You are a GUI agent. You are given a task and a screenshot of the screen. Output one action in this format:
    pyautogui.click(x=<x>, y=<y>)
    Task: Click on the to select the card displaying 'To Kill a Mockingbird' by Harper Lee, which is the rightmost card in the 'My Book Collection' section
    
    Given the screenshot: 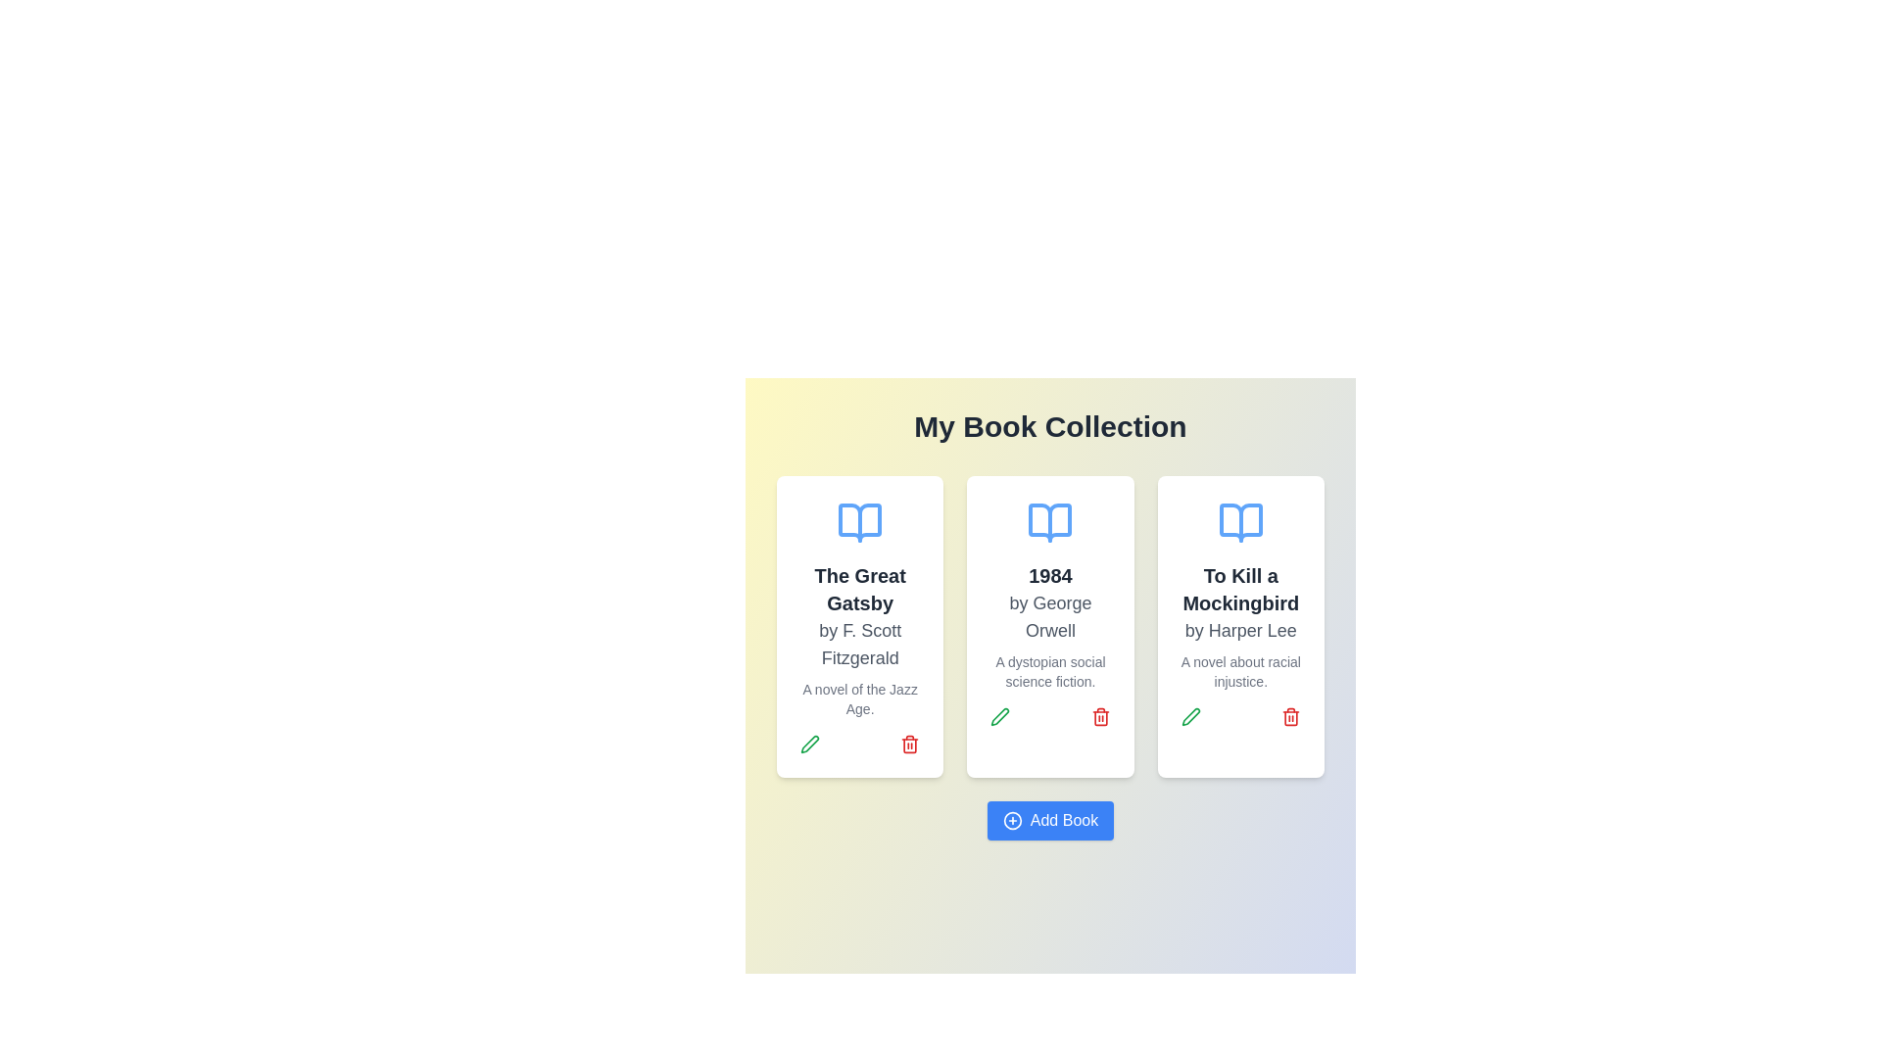 What is the action you would take?
    pyautogui.click(x=1239, y=627)
    